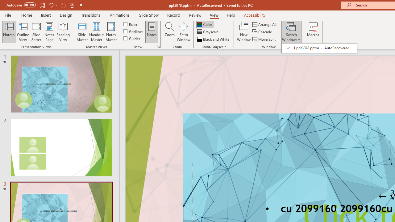 Image resolution: width=395 pixels, height=222 pixels. What do you see at coordinates (183, 32) in the screenshot?
I see `'Fit to Window'` at bounding box center [183, 32].